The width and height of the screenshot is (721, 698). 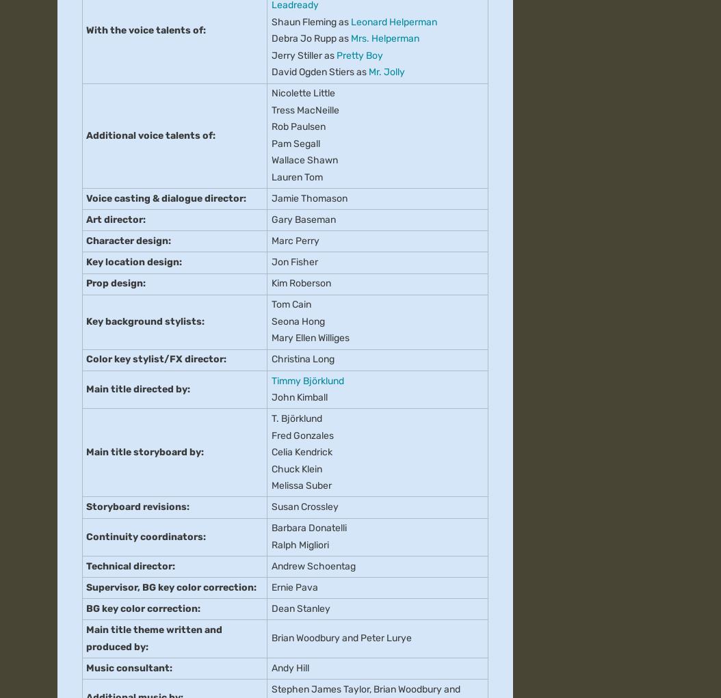 I want to click on 'Terms of Use', so click(x=324, y=103).